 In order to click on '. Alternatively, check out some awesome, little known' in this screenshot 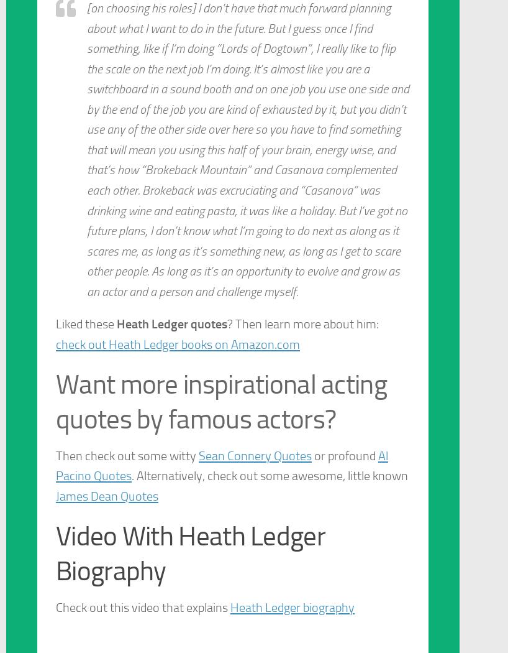, I will do `click(132, 476)`.